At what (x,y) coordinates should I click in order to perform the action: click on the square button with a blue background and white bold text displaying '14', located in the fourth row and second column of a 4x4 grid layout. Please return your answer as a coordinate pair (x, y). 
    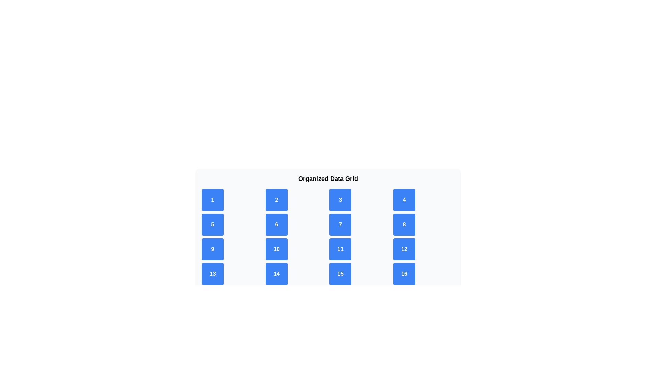
    Looking at the image, I should click on (277, 273).